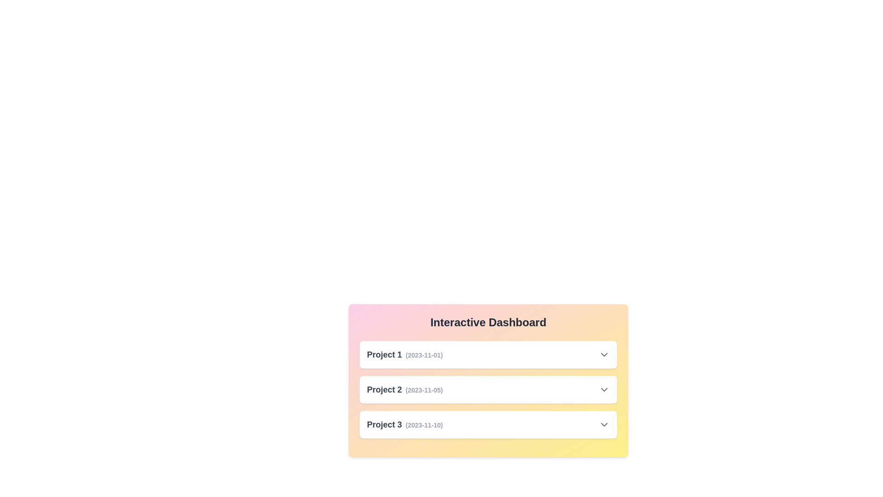 This screenshot has width=883, height=497. Describe the element at coordinates (604, 354) in the screenshot. I see `the dropdown icon for Project 1 to toggle its details` at that location.